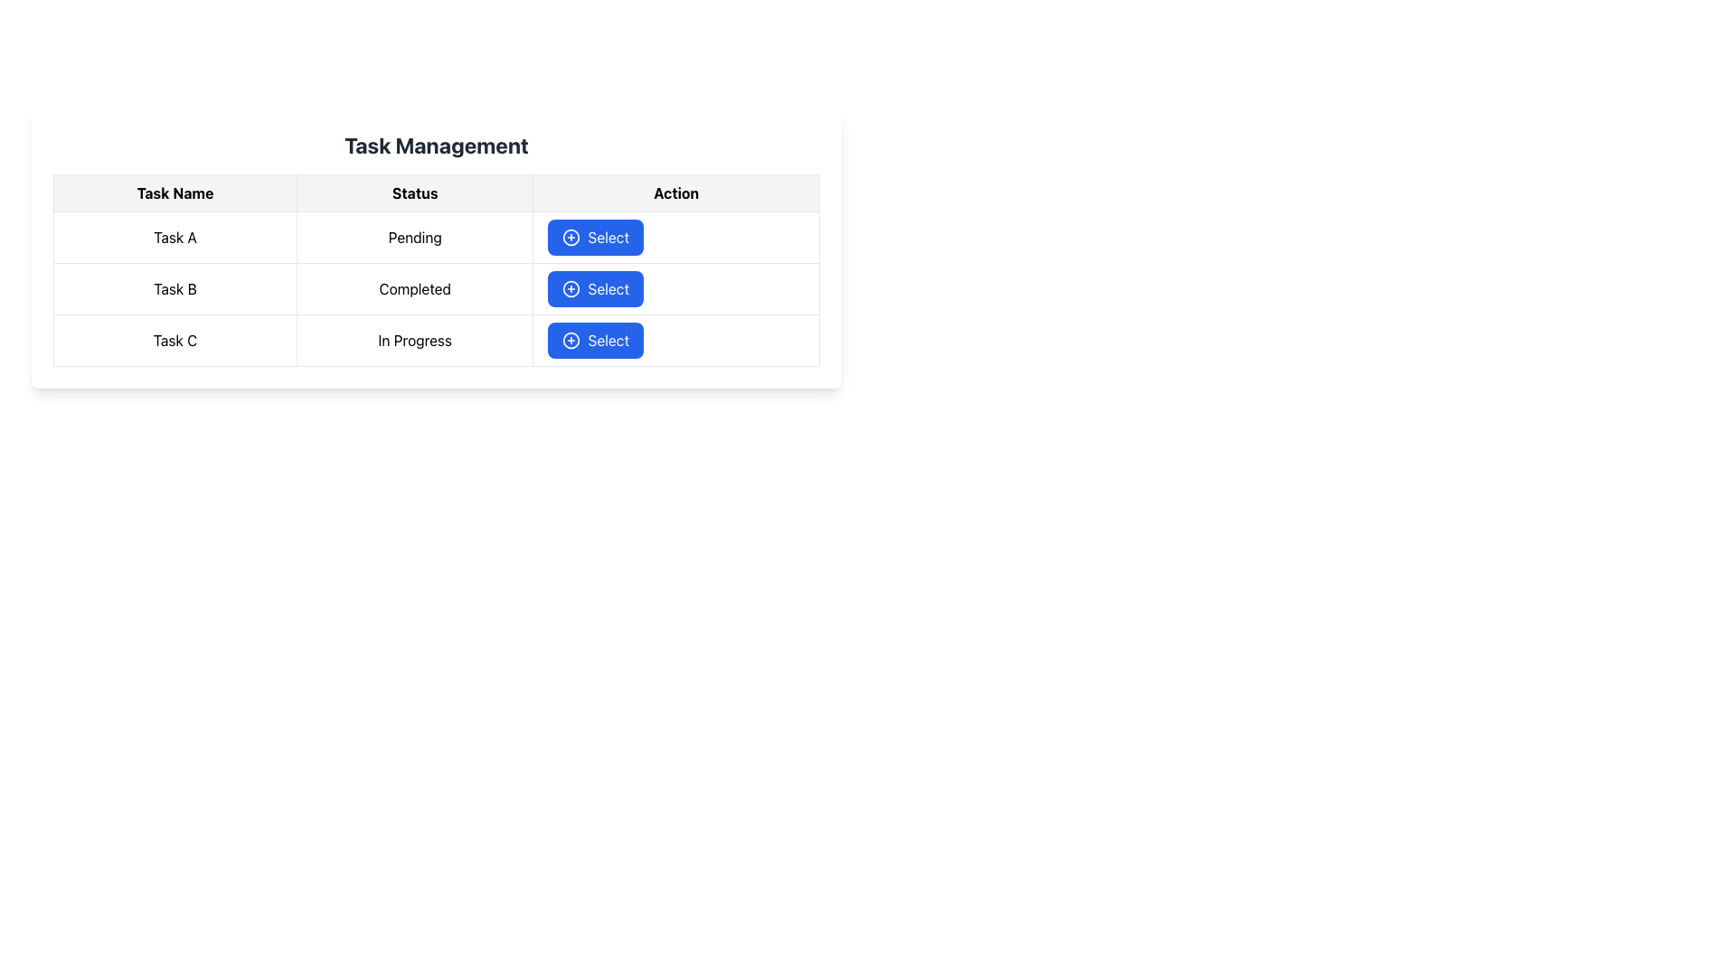 Image resolution: width=1736 pixels, height=976 pixels. I want to click on the circular '+' icon, which is part of the 'Select' button in the first row of the 'Action' column of the table, so click(571, 236).